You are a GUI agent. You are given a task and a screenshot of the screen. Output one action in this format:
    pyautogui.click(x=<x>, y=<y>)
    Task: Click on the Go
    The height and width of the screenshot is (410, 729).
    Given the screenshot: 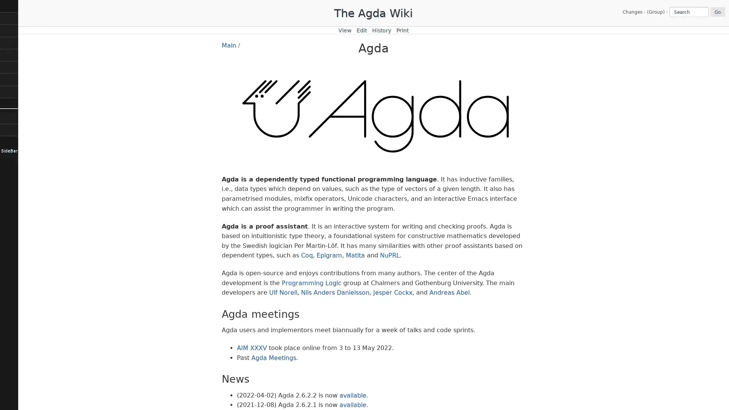 What is the action you would take?
    pyautogui.click(x=717, y=11)
    